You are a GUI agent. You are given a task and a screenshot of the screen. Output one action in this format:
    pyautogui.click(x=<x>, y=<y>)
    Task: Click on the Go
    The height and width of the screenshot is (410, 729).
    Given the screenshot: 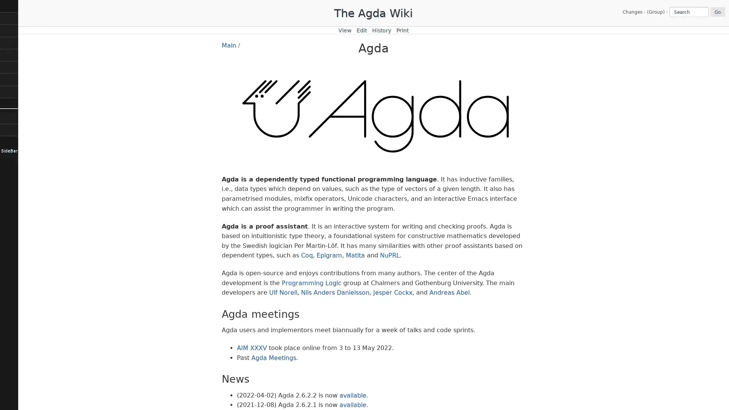 What is the action you would take?
    pyautogui.click(x=717, y=11)
    